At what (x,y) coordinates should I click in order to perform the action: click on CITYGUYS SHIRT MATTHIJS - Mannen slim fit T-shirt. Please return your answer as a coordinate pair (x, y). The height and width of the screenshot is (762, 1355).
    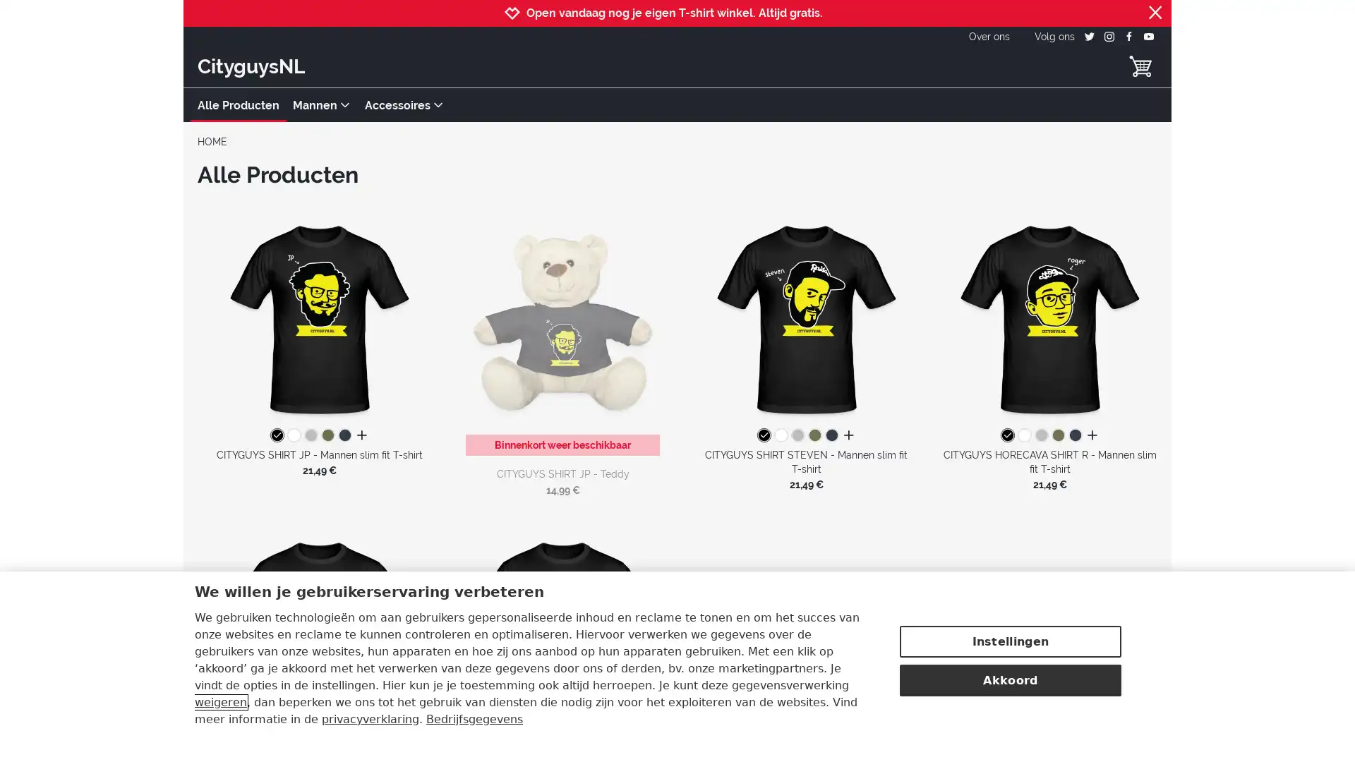
    Looking at the image, I should click on (562, 634).